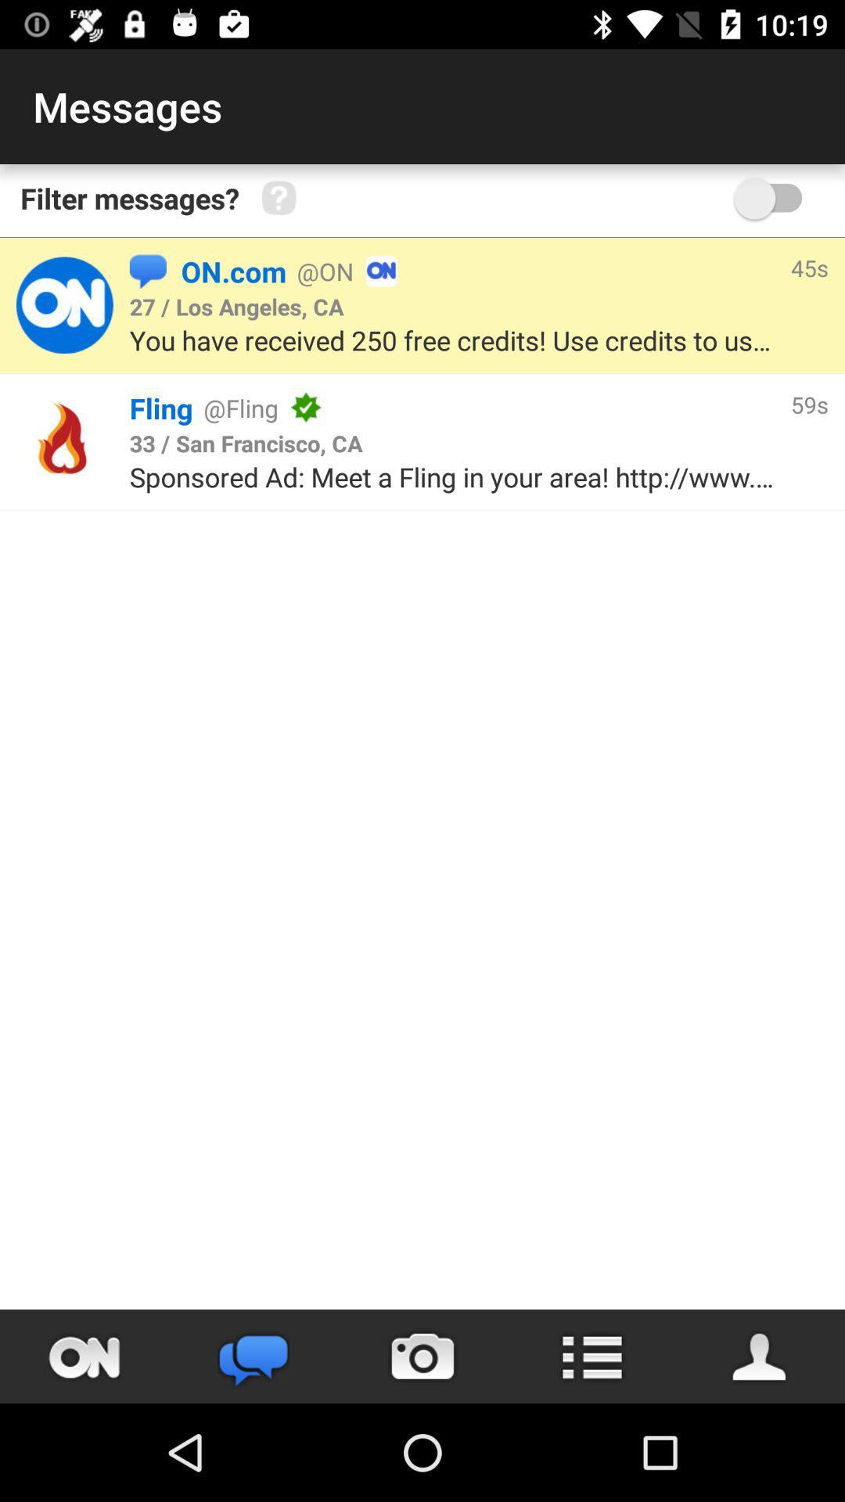 Image resolution: width=845 pixels, height=1502 pixels. I want to click on show list, so click(591, 1356).